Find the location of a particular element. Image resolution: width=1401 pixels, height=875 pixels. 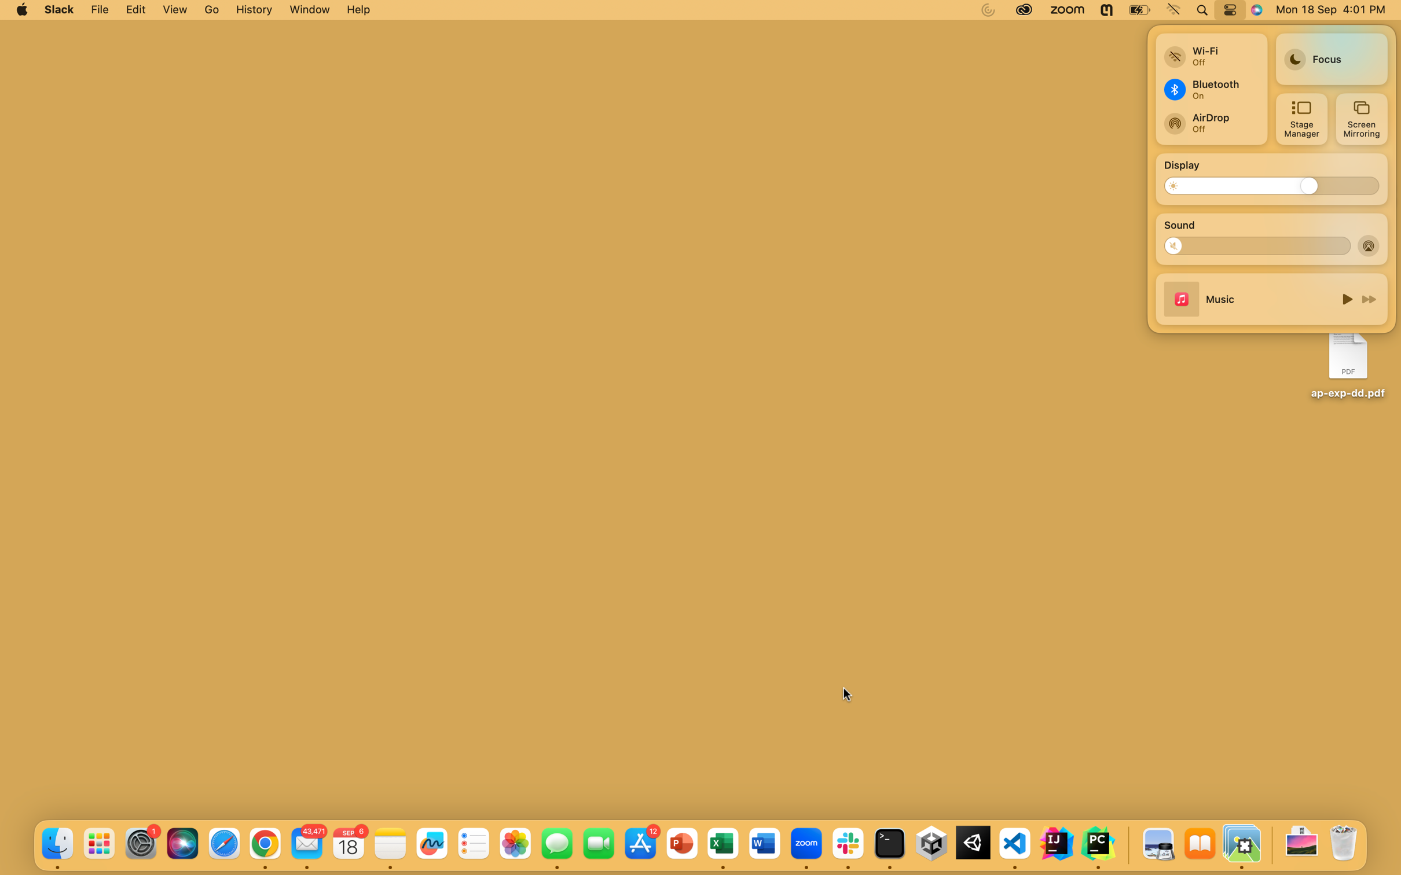

Turn on airdrop is located at coordinates (1369, 245).